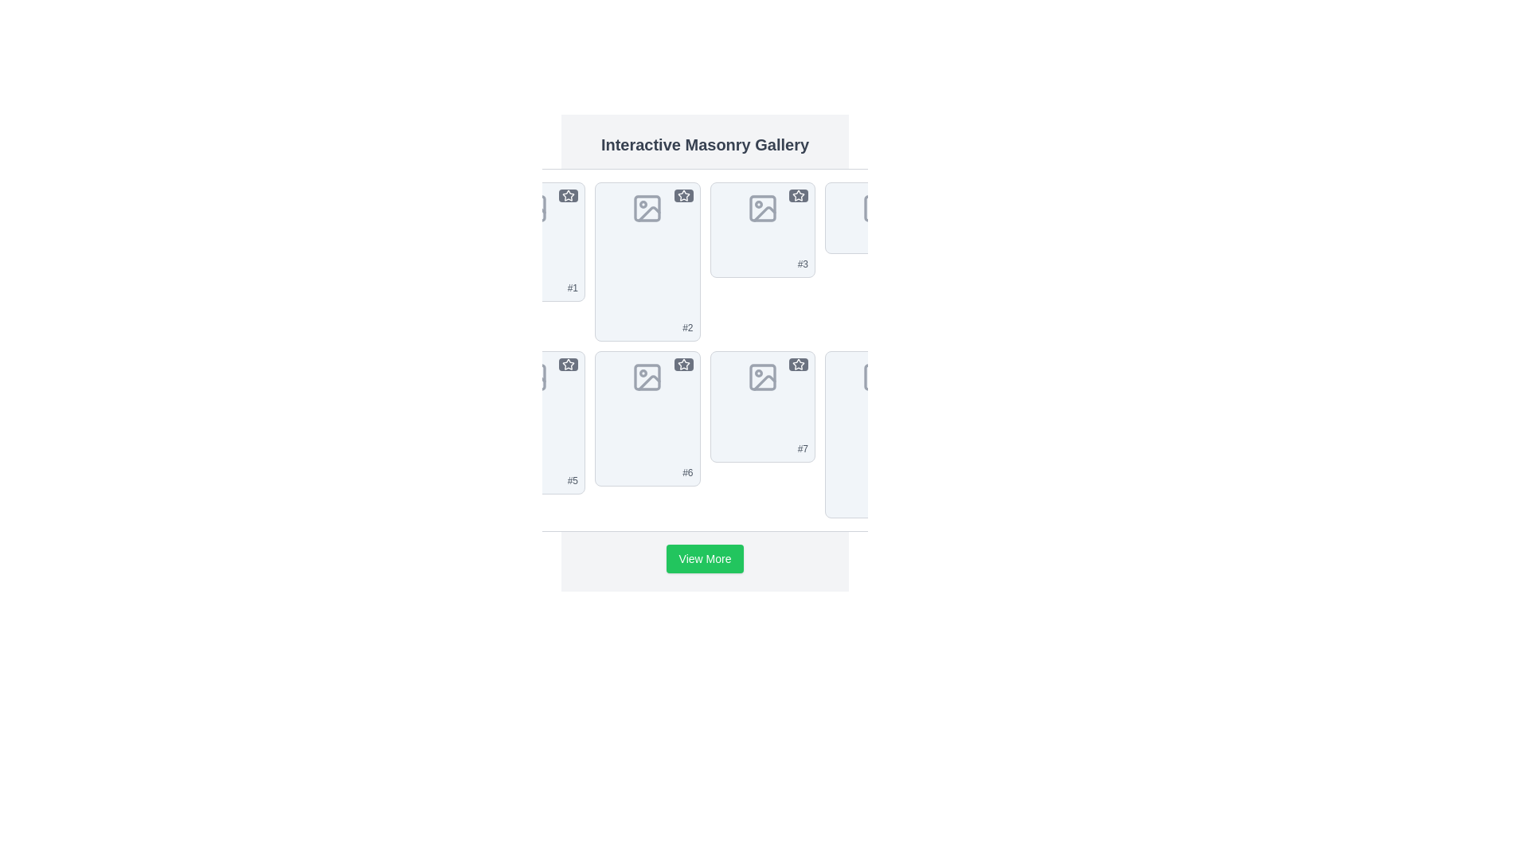 The height and width of the screenshot is (860, 1529). I want to click on the green rectangular button with rounded corners labeled 'View More' to change its appearance, so click(704, 558).